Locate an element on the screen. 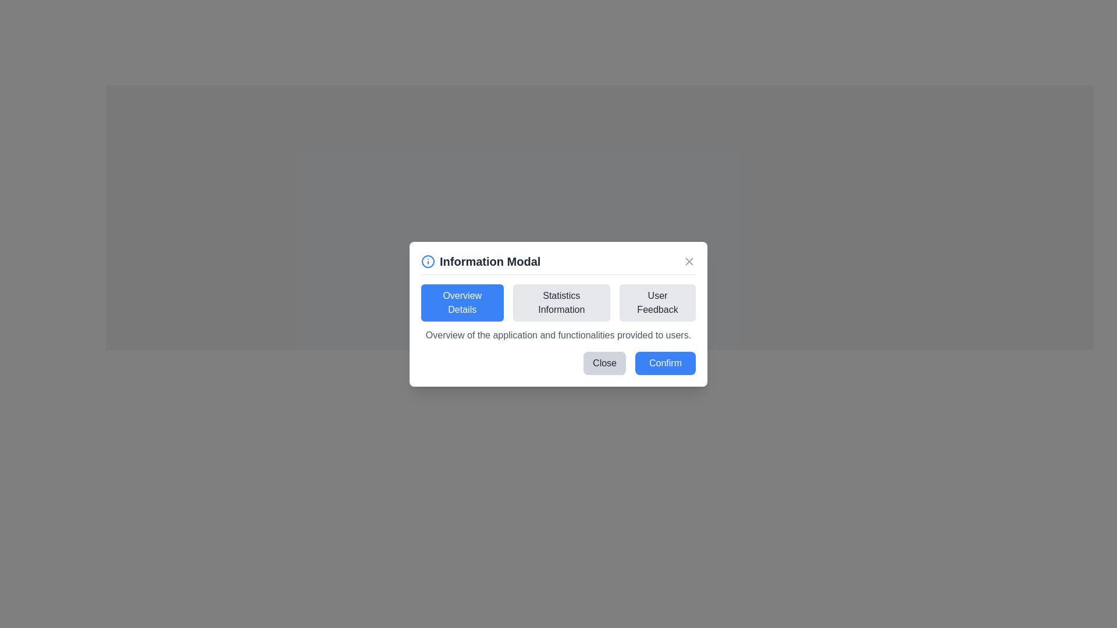 The image size is (1117, 628). text 'Information Modal' which is styled in bold dark-gray font and located at the top-left corner of the modal dialog box, next to a blue circular info icon is located at coordinates (481, 261).